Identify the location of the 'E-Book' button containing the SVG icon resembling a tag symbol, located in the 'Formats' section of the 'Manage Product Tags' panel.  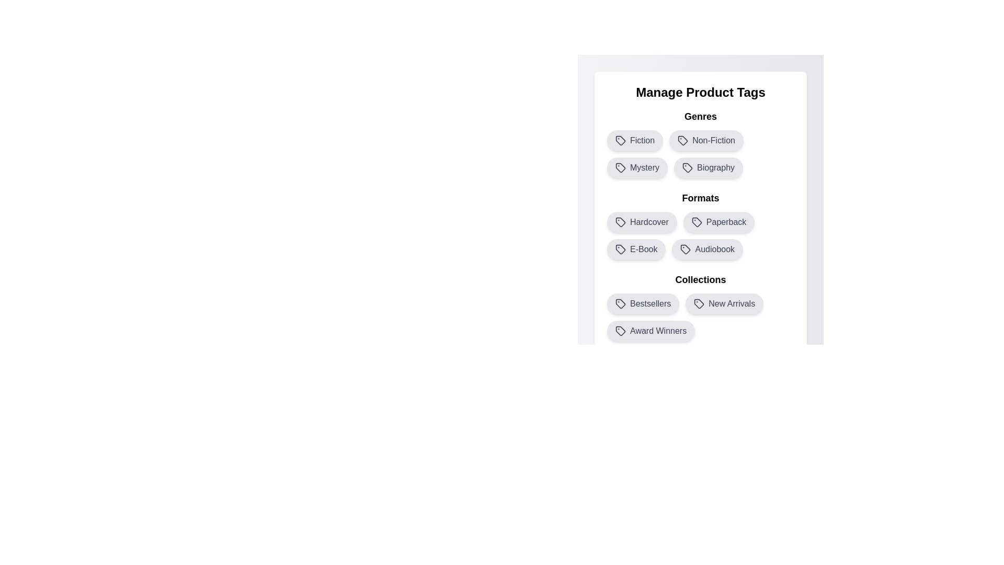
(620, 250).